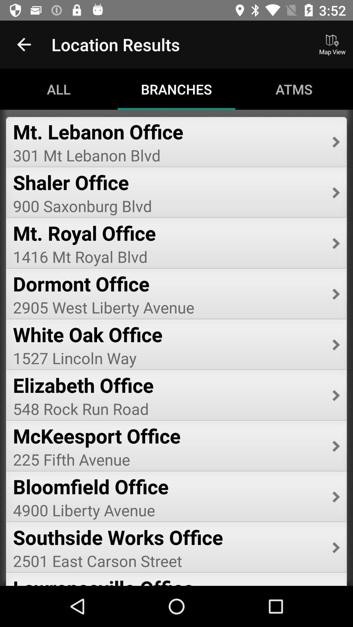 This screenshot has width=353, height=627. I want to click on the item below 548 rock run, so click(168, 436).